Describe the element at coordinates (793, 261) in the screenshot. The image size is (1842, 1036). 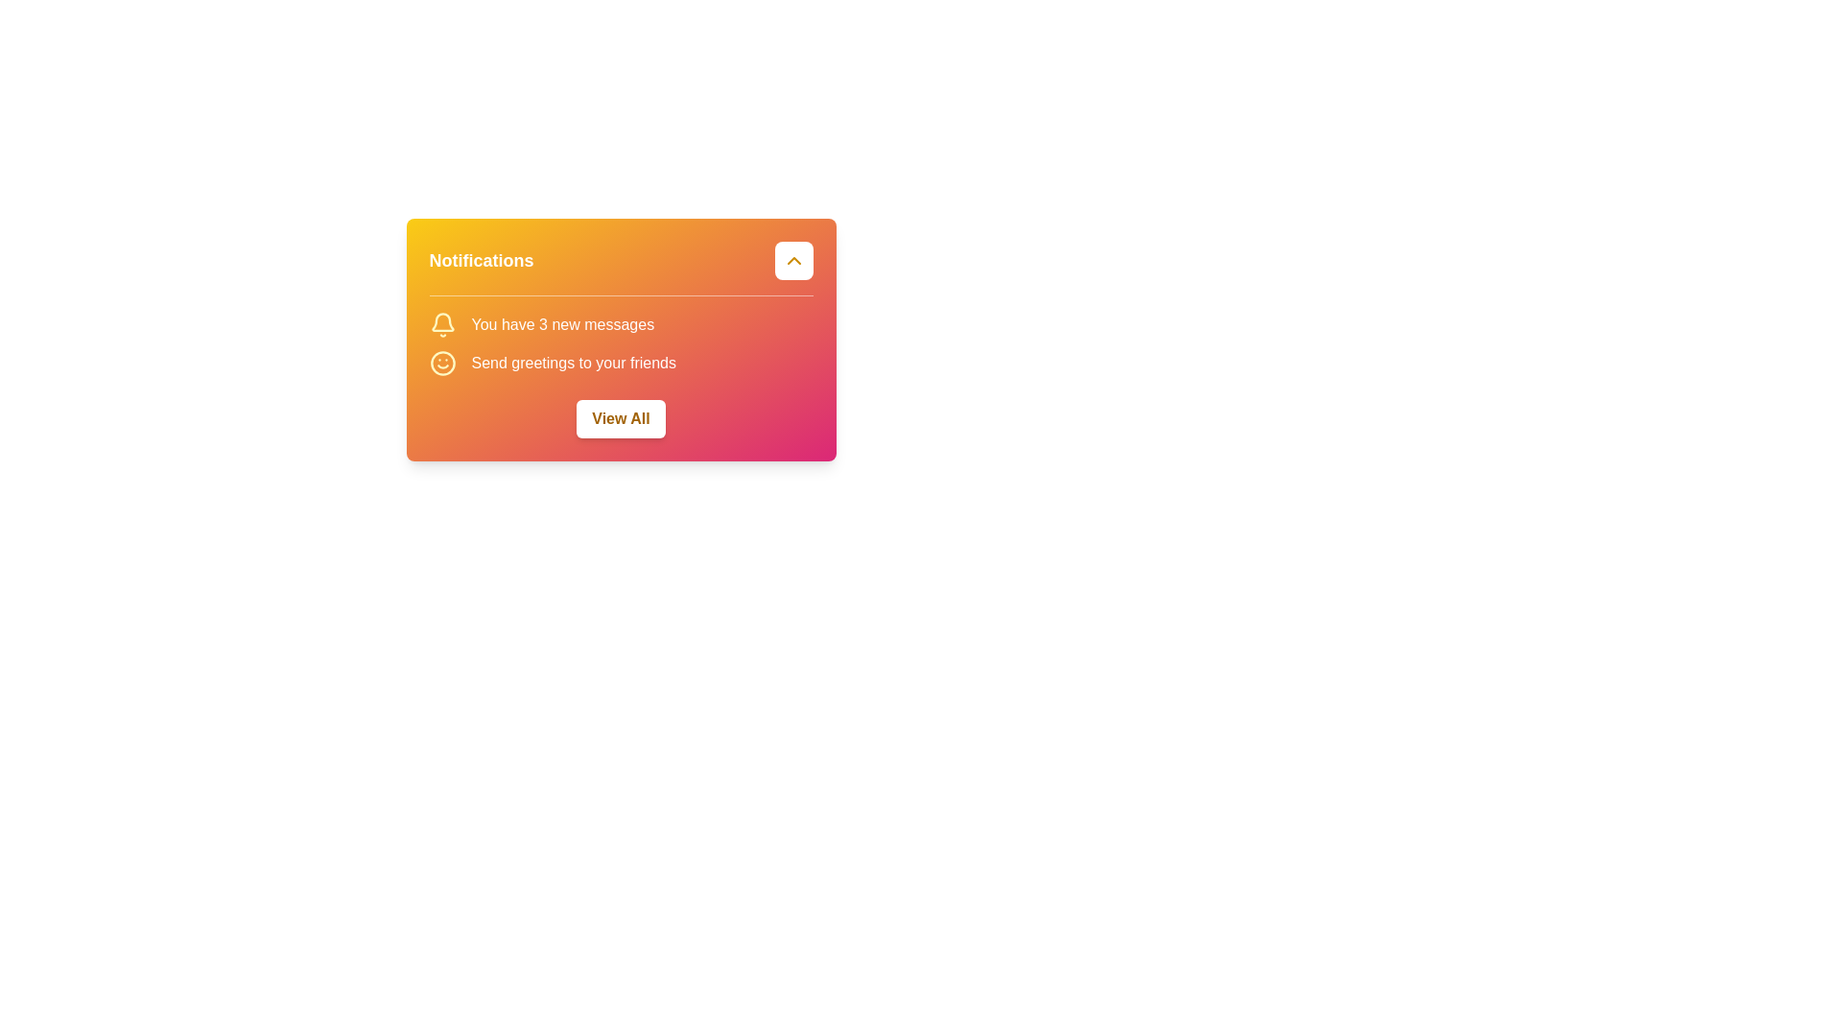
I see `the small, square button with a chevron-up icon located at the top-right corner of the notification card for accessibility navigation` at that location.